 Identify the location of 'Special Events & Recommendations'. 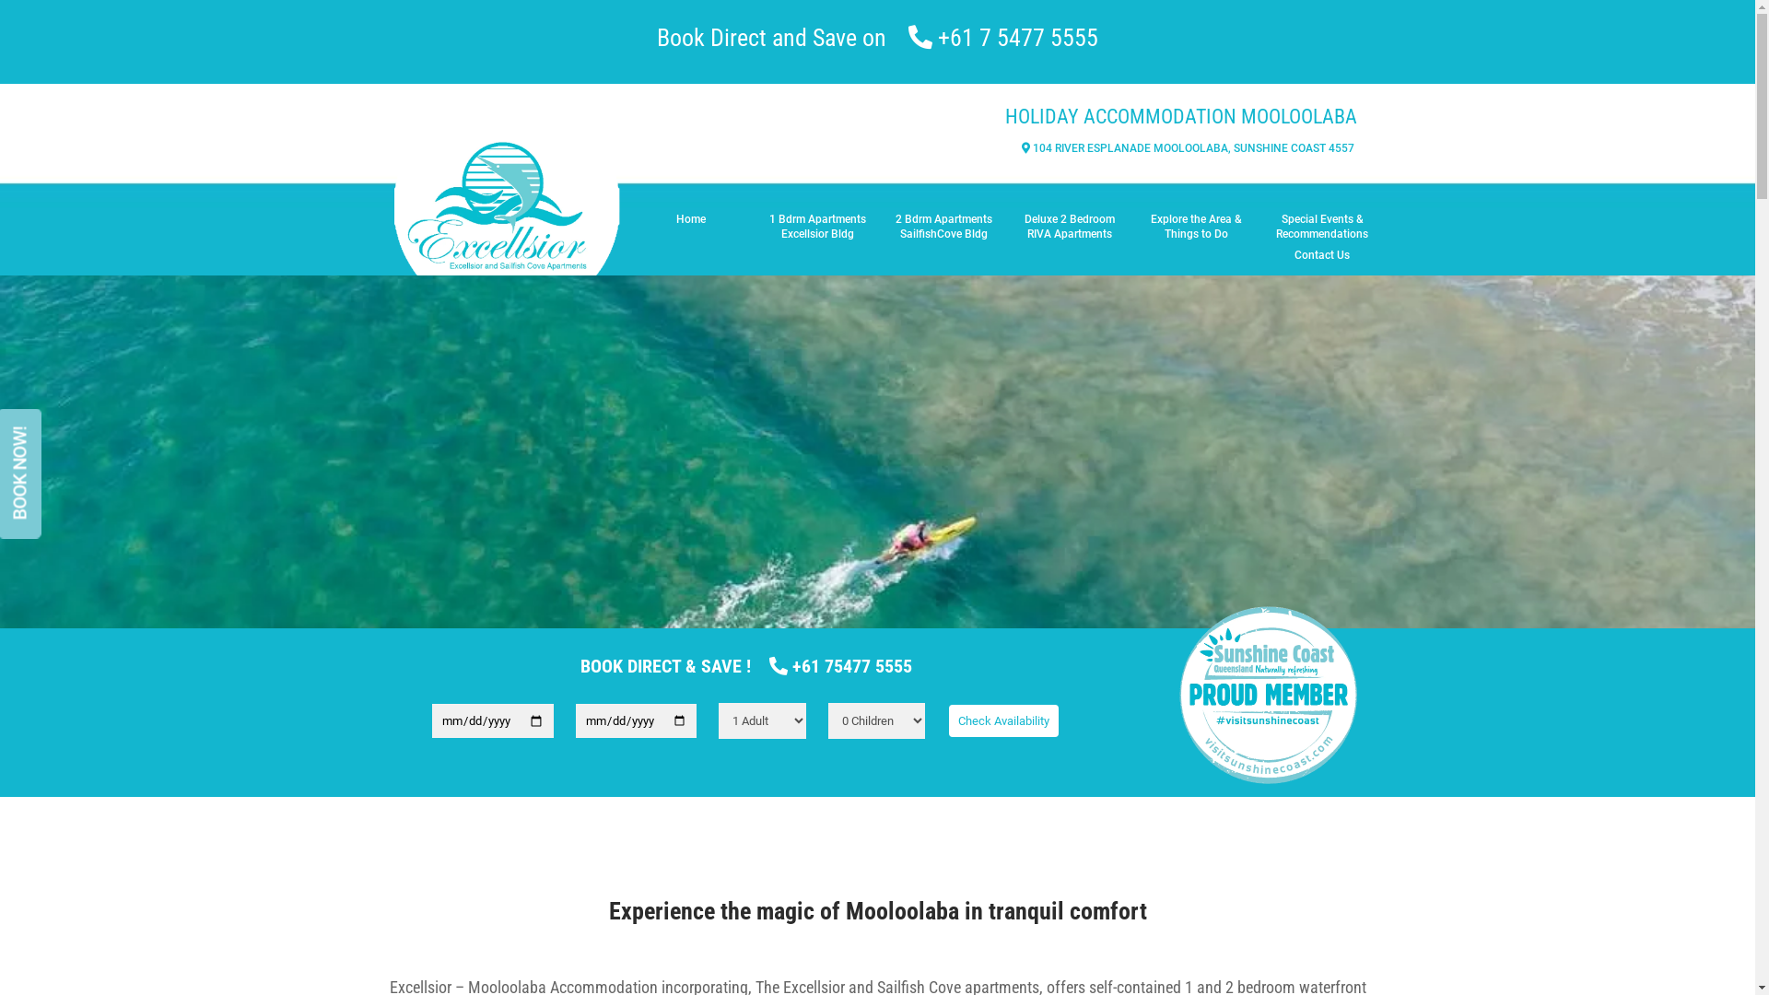
(1321, 226).